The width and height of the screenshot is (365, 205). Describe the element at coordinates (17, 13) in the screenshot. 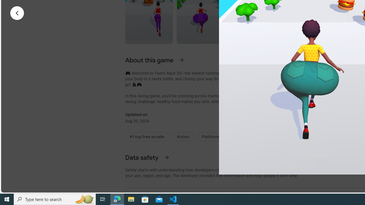

I see `'Previous'` at that location.